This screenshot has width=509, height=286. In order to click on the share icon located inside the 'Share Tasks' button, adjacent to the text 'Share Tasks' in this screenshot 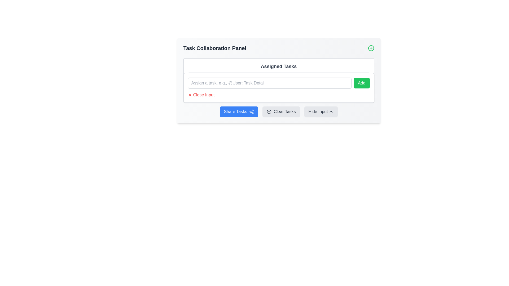, I will do `click(251, 111)`.